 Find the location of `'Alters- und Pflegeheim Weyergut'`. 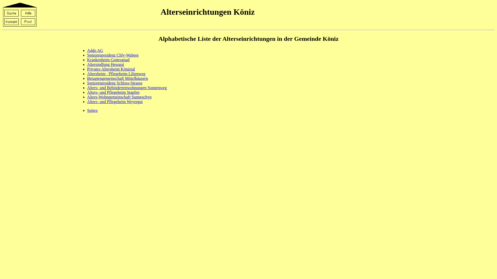

'Alters- und Pflegeheim Weyergut' is located at coordinates (115, 102).